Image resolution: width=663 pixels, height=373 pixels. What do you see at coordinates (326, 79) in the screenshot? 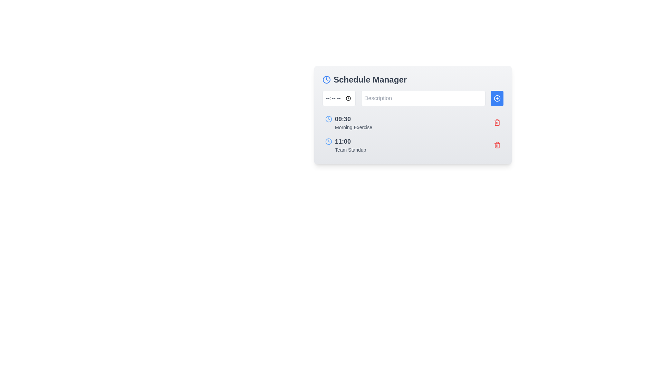
I see `the clock icon located at the top-left of the 'Schedule Manager' panel, which serves as a visual cue for scheduling functions` at bounding box center [326, 79].